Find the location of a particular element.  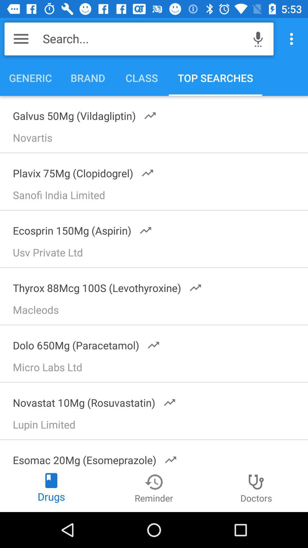

the thyrox 88mcg 100s is located at coordinates (104, 286).